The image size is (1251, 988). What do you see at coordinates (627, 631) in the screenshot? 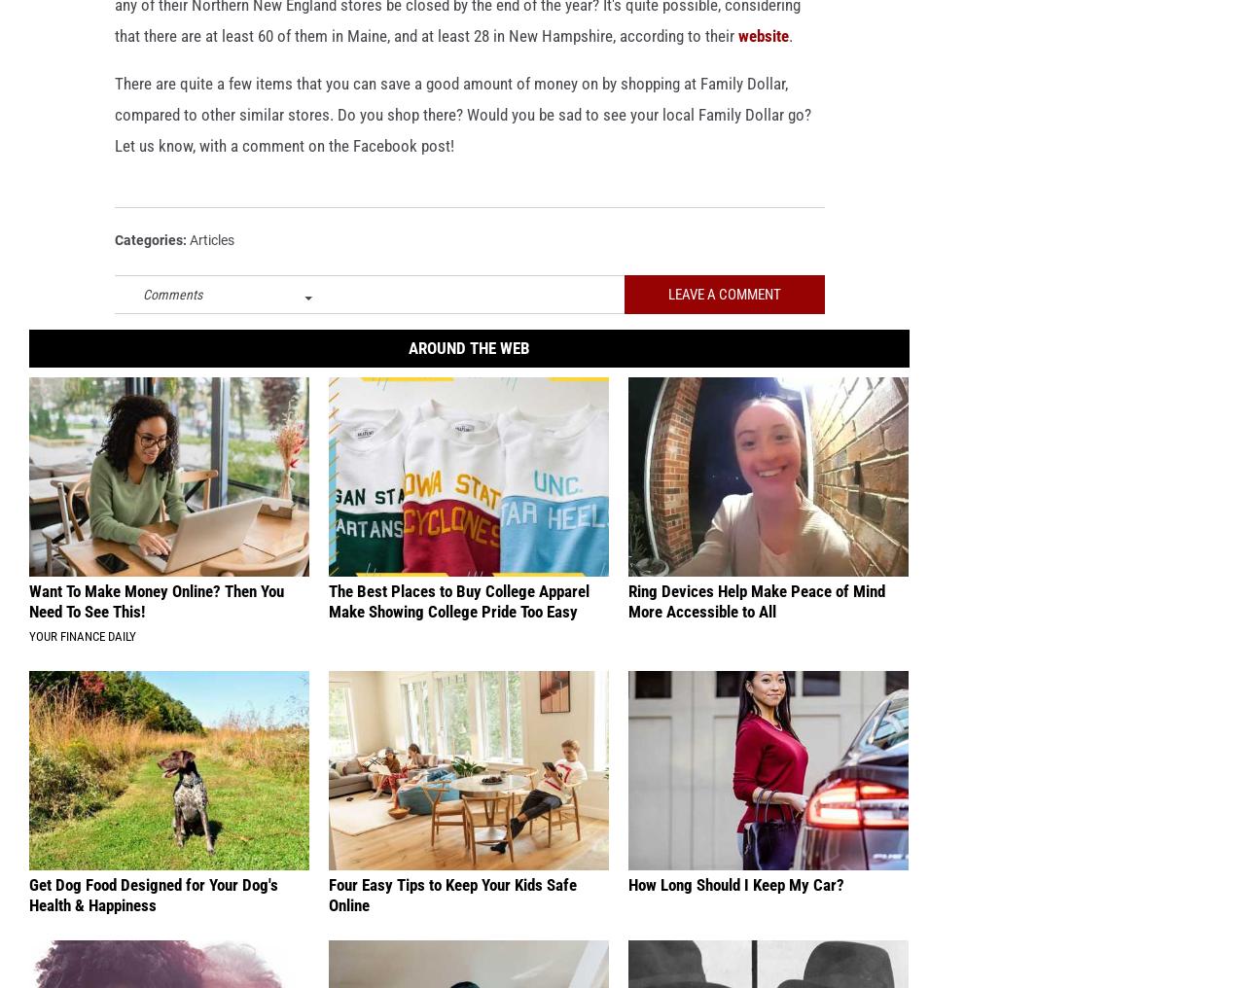
I see `'Ring Devices Help Make Peace of Mind More Accessible to All'` at bounding box center [627, 631].